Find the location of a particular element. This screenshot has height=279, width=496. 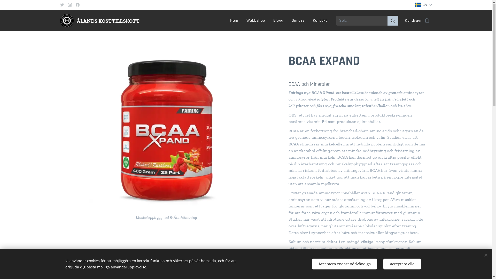

'Twitter' is located at coordinates (62, 5).